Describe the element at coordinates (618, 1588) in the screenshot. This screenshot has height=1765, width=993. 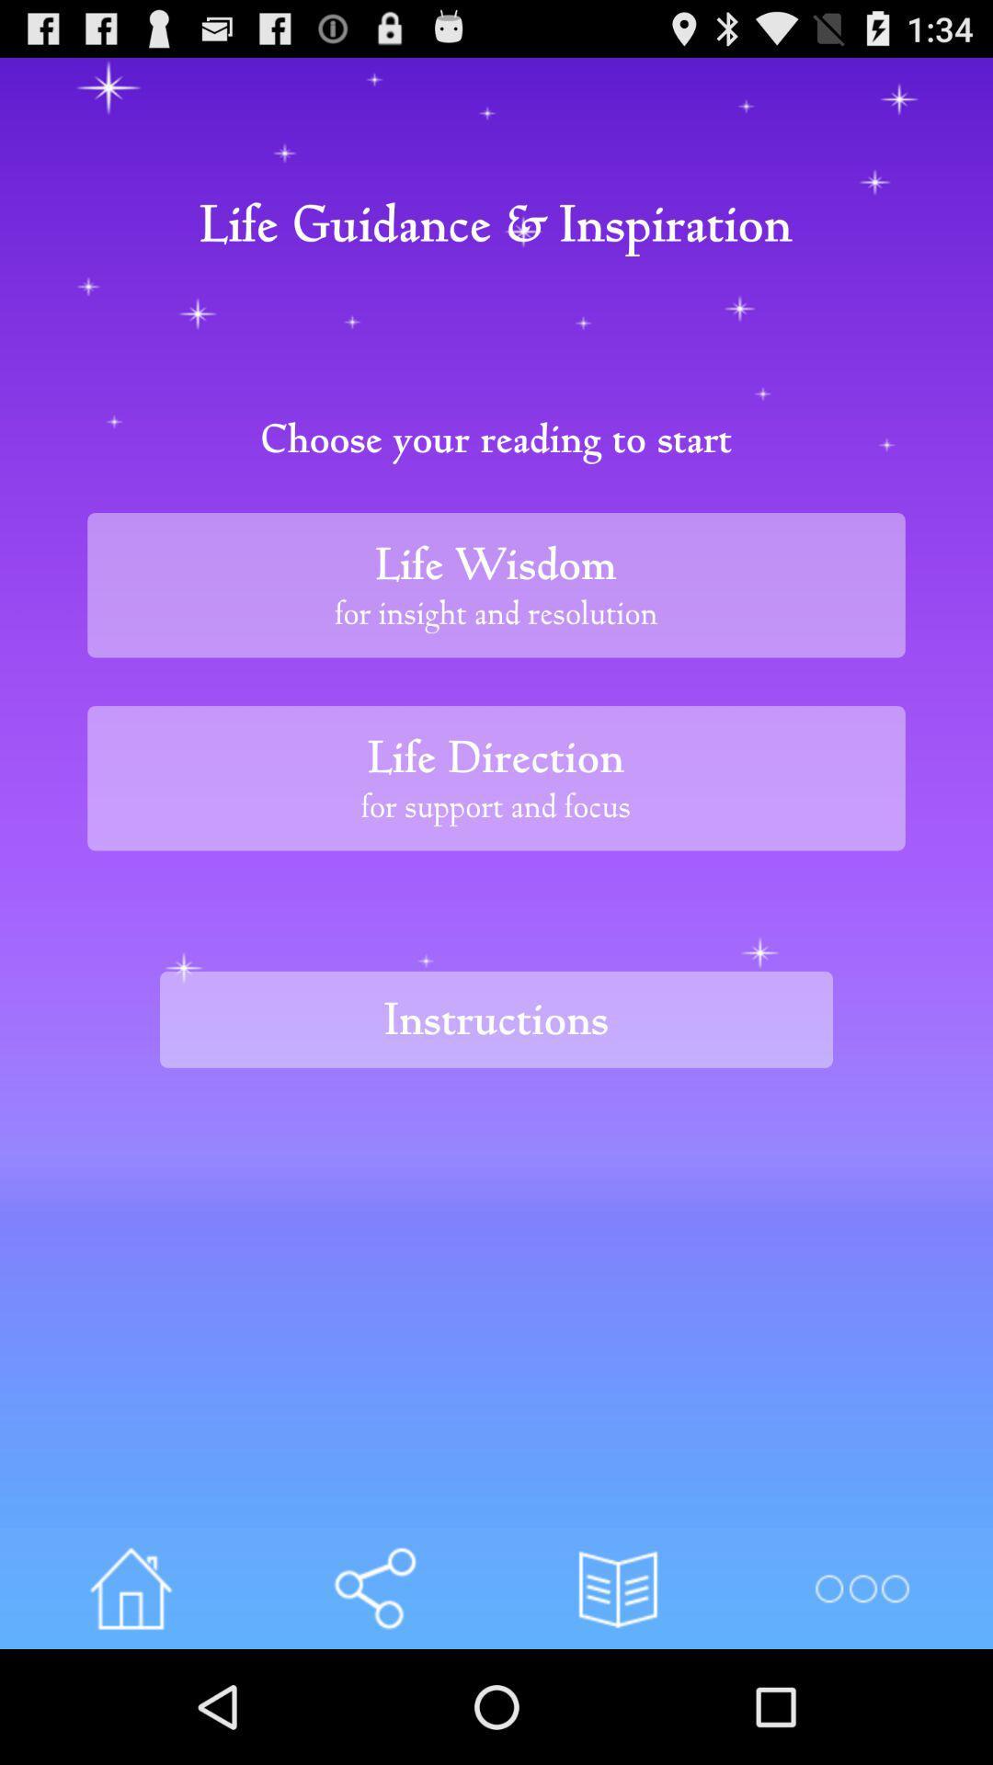
I see `the button below the instructions item` at that location.